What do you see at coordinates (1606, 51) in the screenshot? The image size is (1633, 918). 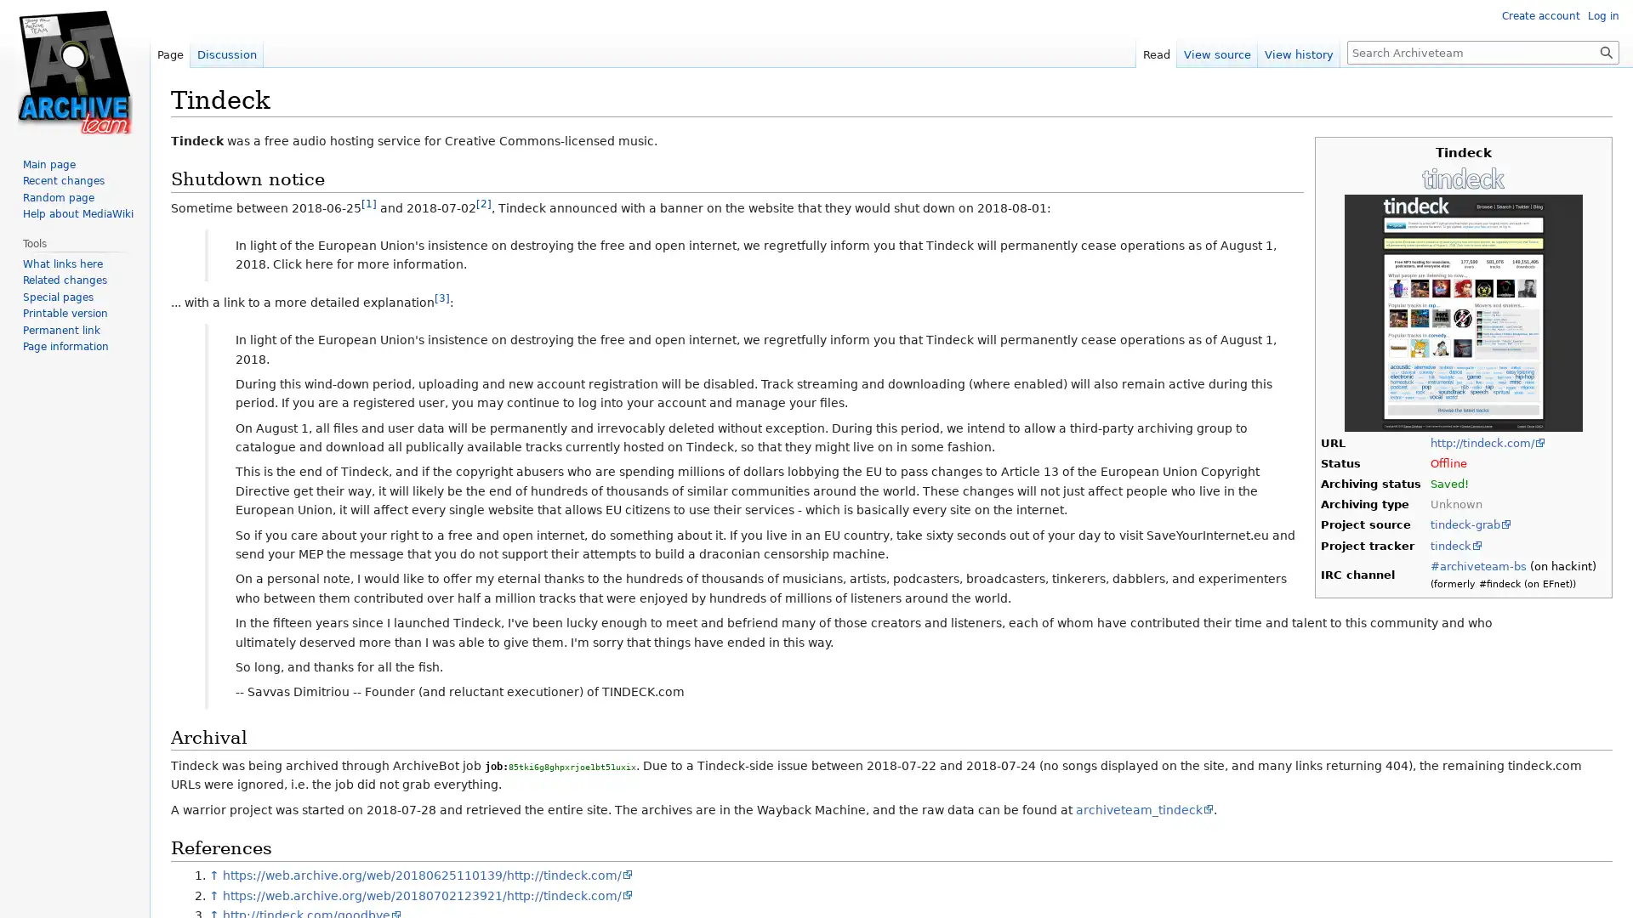 I see `Go` at bounding box center [1606, 51].